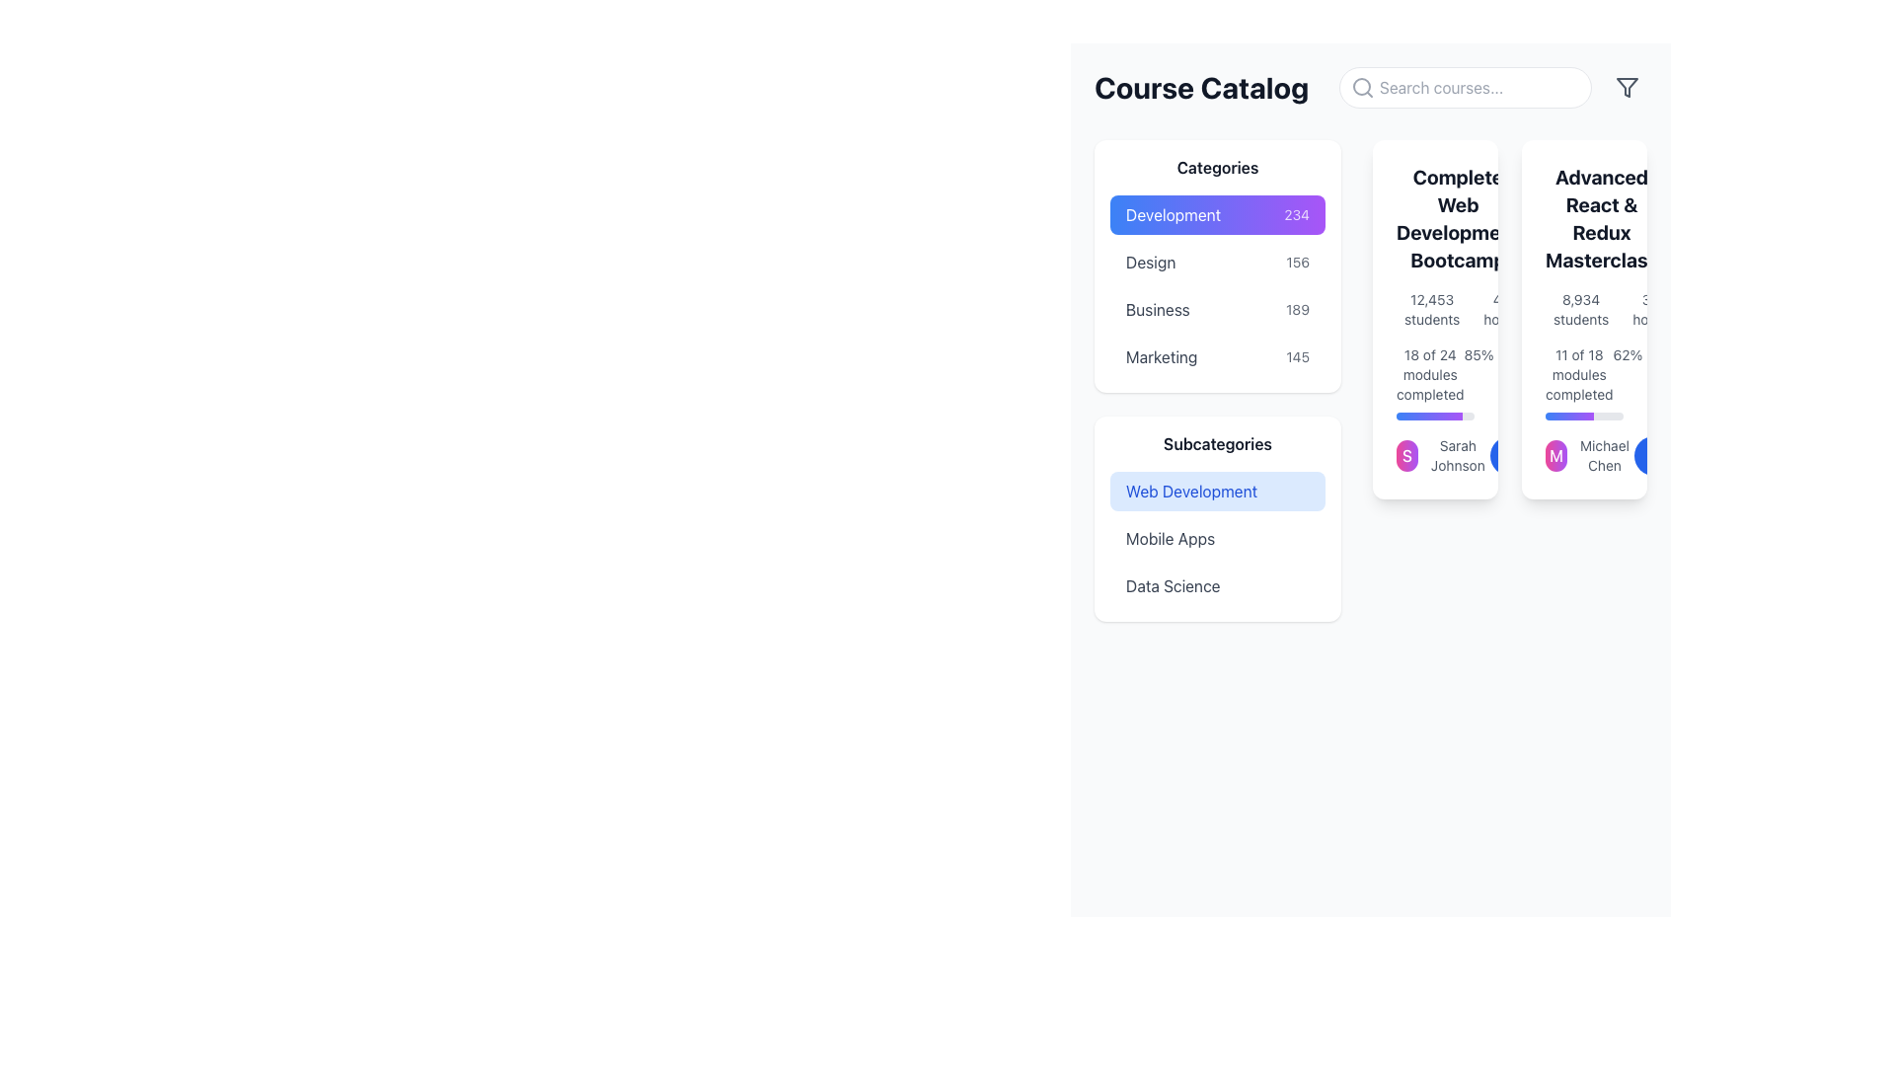  I want to click on the 'Categories' text label, which is styled with a bold font and dark gray color, located at the top of the vertical panel displaying category options, so click(1216, 166).